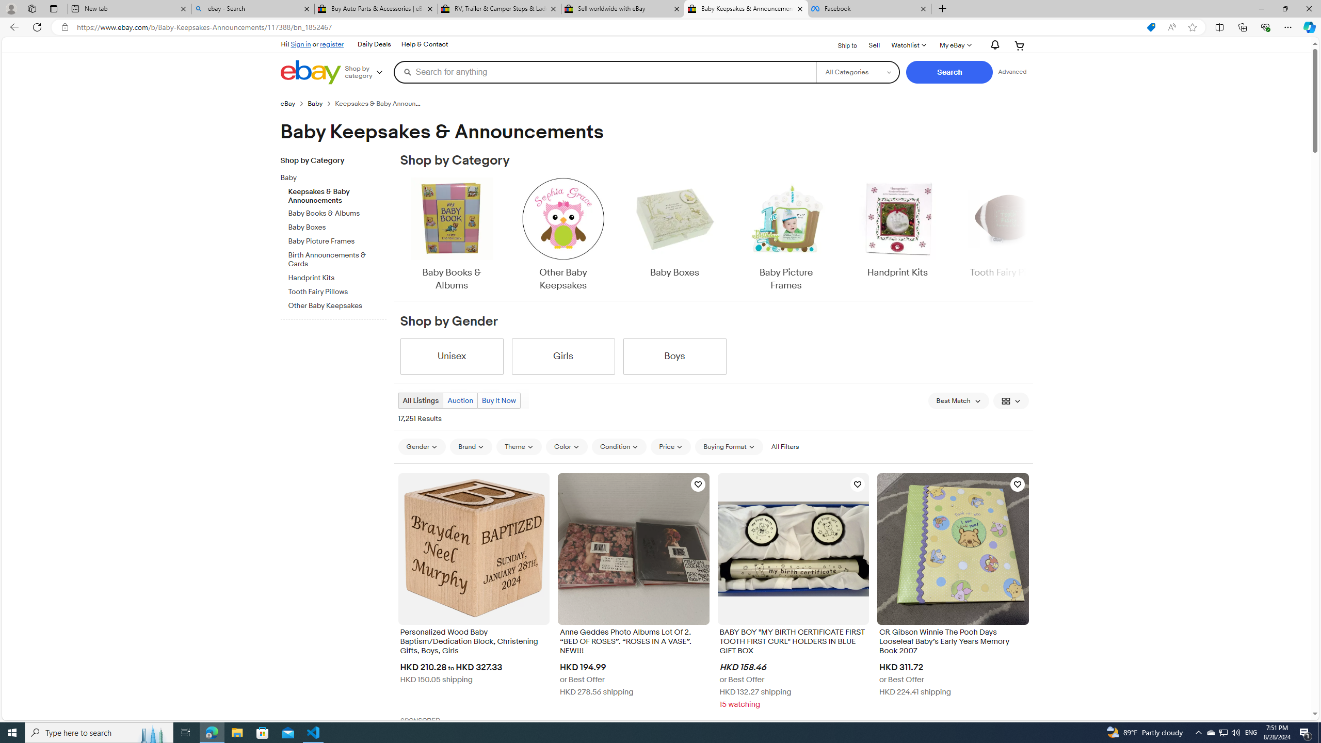  I want to click on 'Keepsakes & Baby Announcements', so click(337, 193).